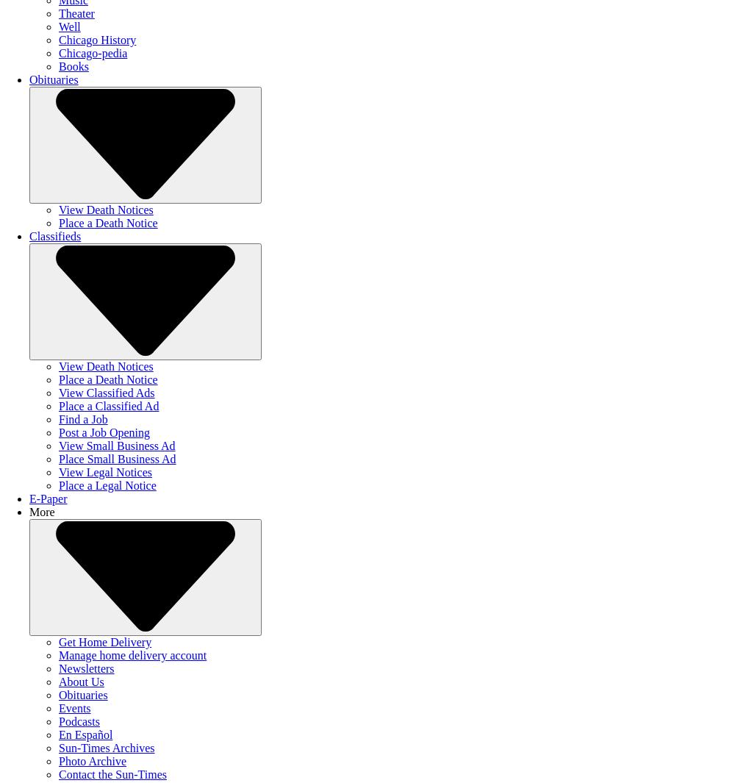 The width and height of the screenshot is (735, 783). Describe the element at coordinates (85, 668) in the screenshot. I see `'Newsletters'` at that location.